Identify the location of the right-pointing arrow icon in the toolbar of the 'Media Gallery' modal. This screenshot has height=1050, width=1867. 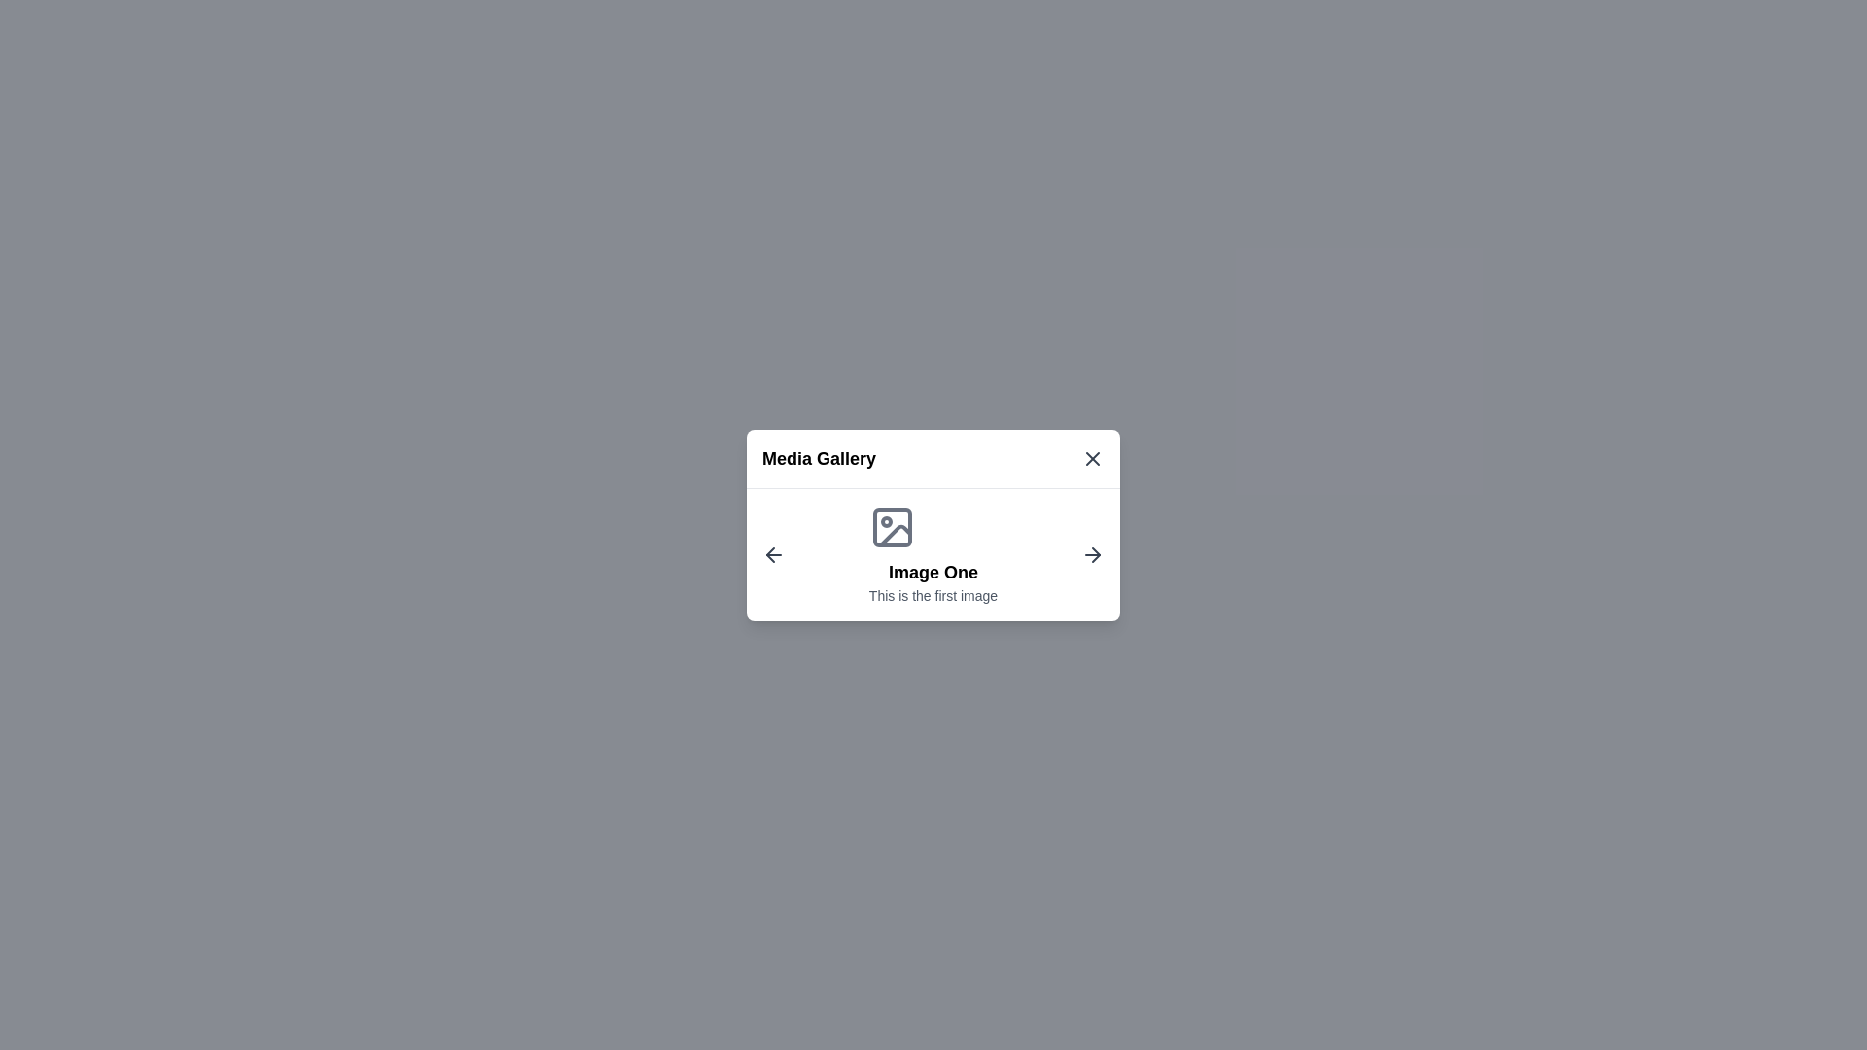
(1096, 554).